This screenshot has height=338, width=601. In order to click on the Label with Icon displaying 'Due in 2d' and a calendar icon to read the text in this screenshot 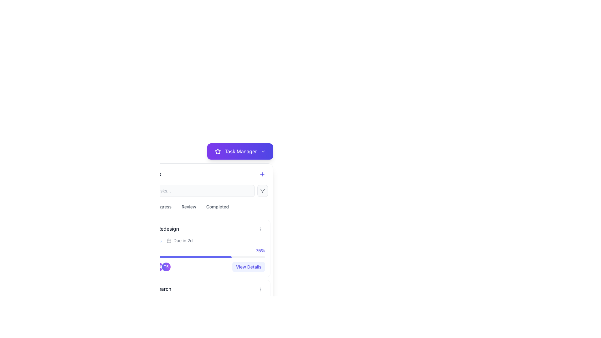, I will do `click(179, 240)`.